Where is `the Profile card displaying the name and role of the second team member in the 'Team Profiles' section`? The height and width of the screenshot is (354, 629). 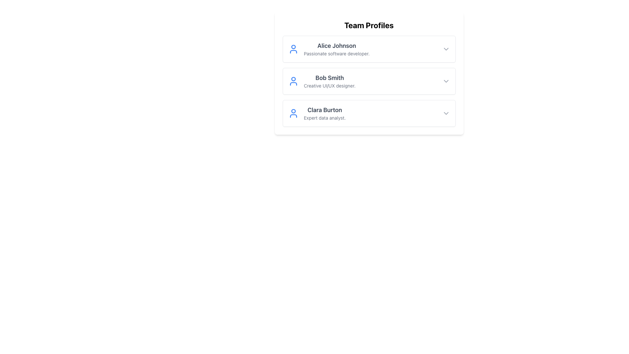 the Profile card displaying the name and role of the second team member in the 'Team Profiles' section is located at coordinates (369, 81).